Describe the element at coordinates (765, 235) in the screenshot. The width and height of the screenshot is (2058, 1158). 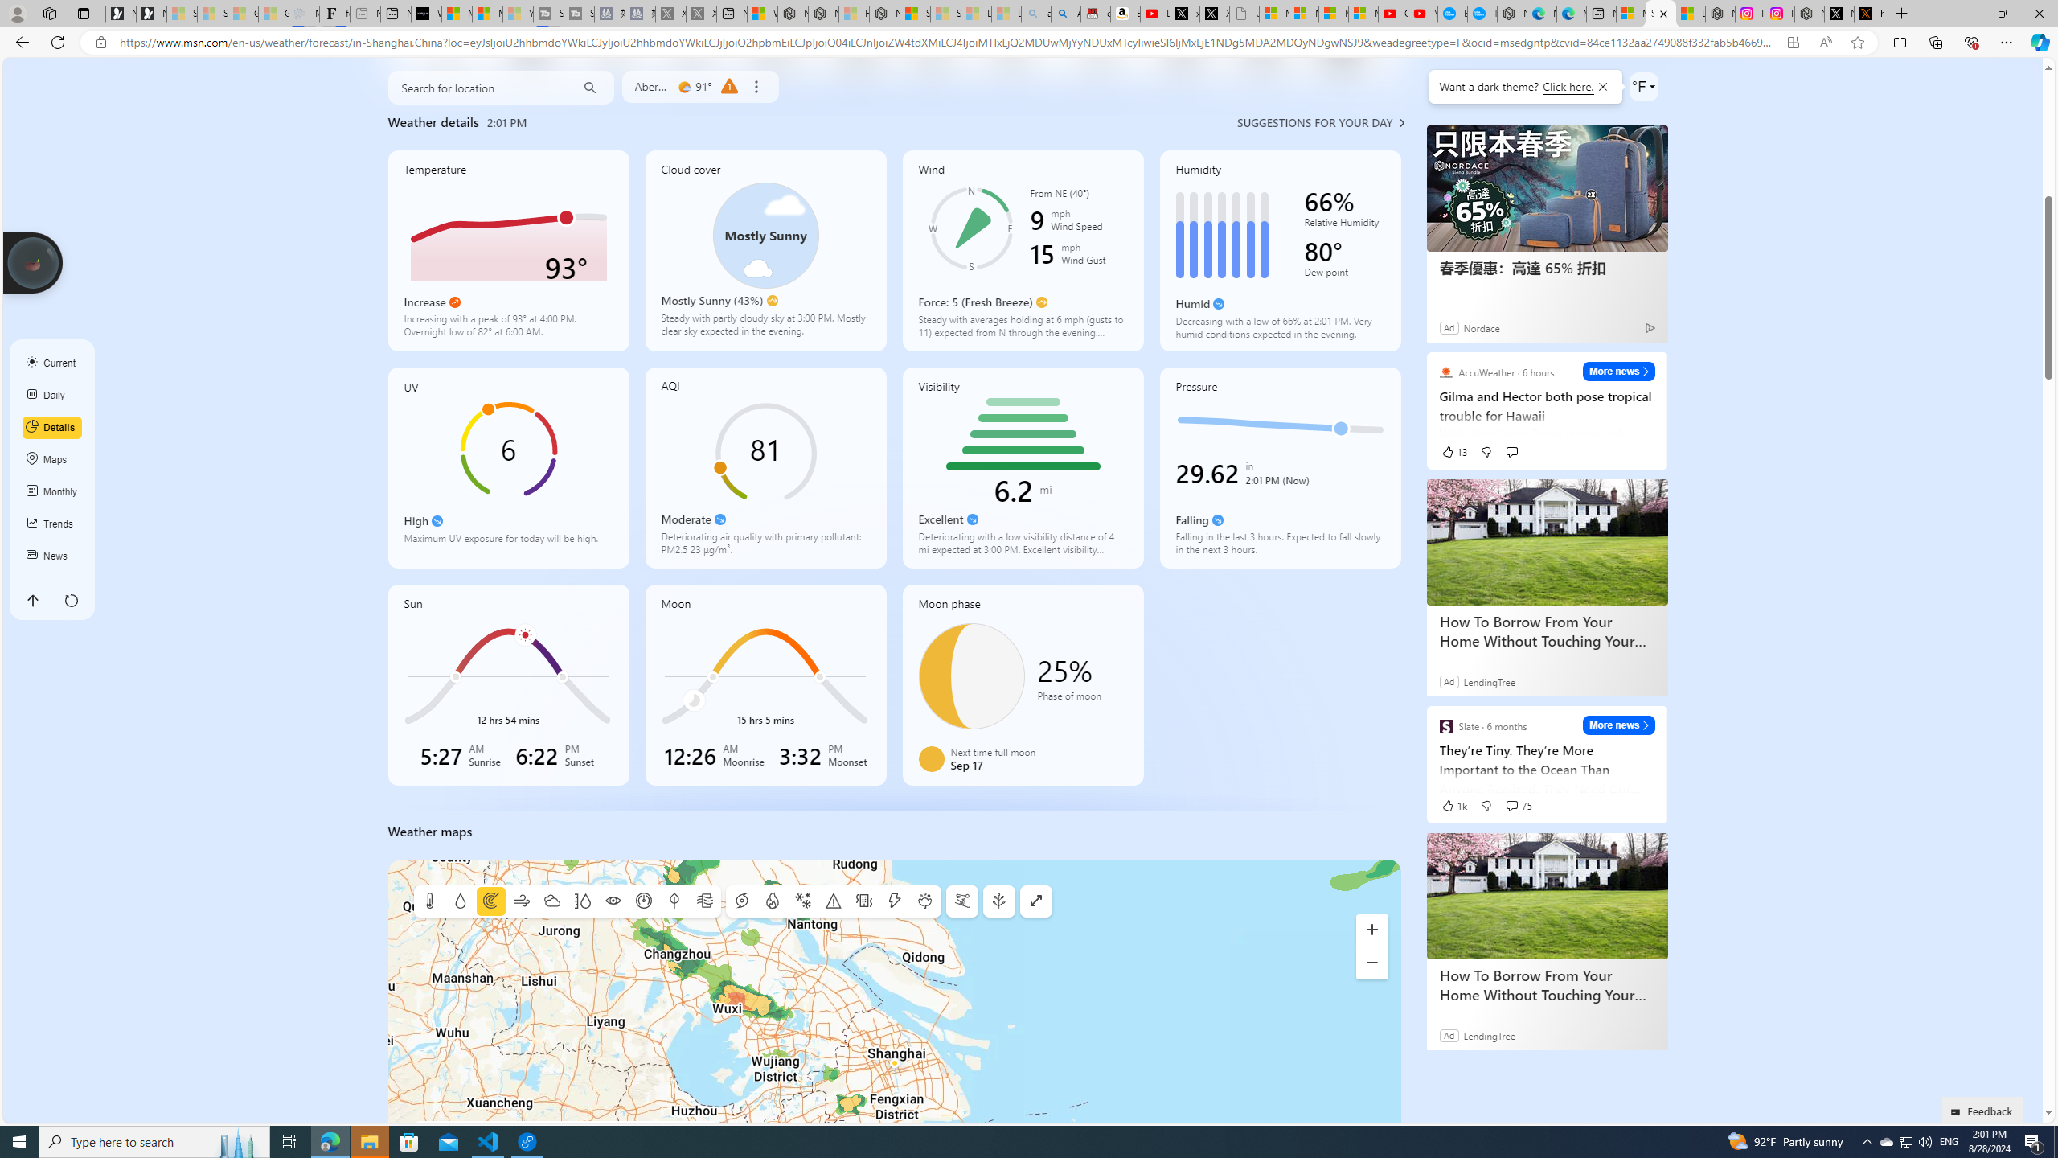
I see `'Class: cloudCoverSvg-DS-ps0R9q'` at that location.